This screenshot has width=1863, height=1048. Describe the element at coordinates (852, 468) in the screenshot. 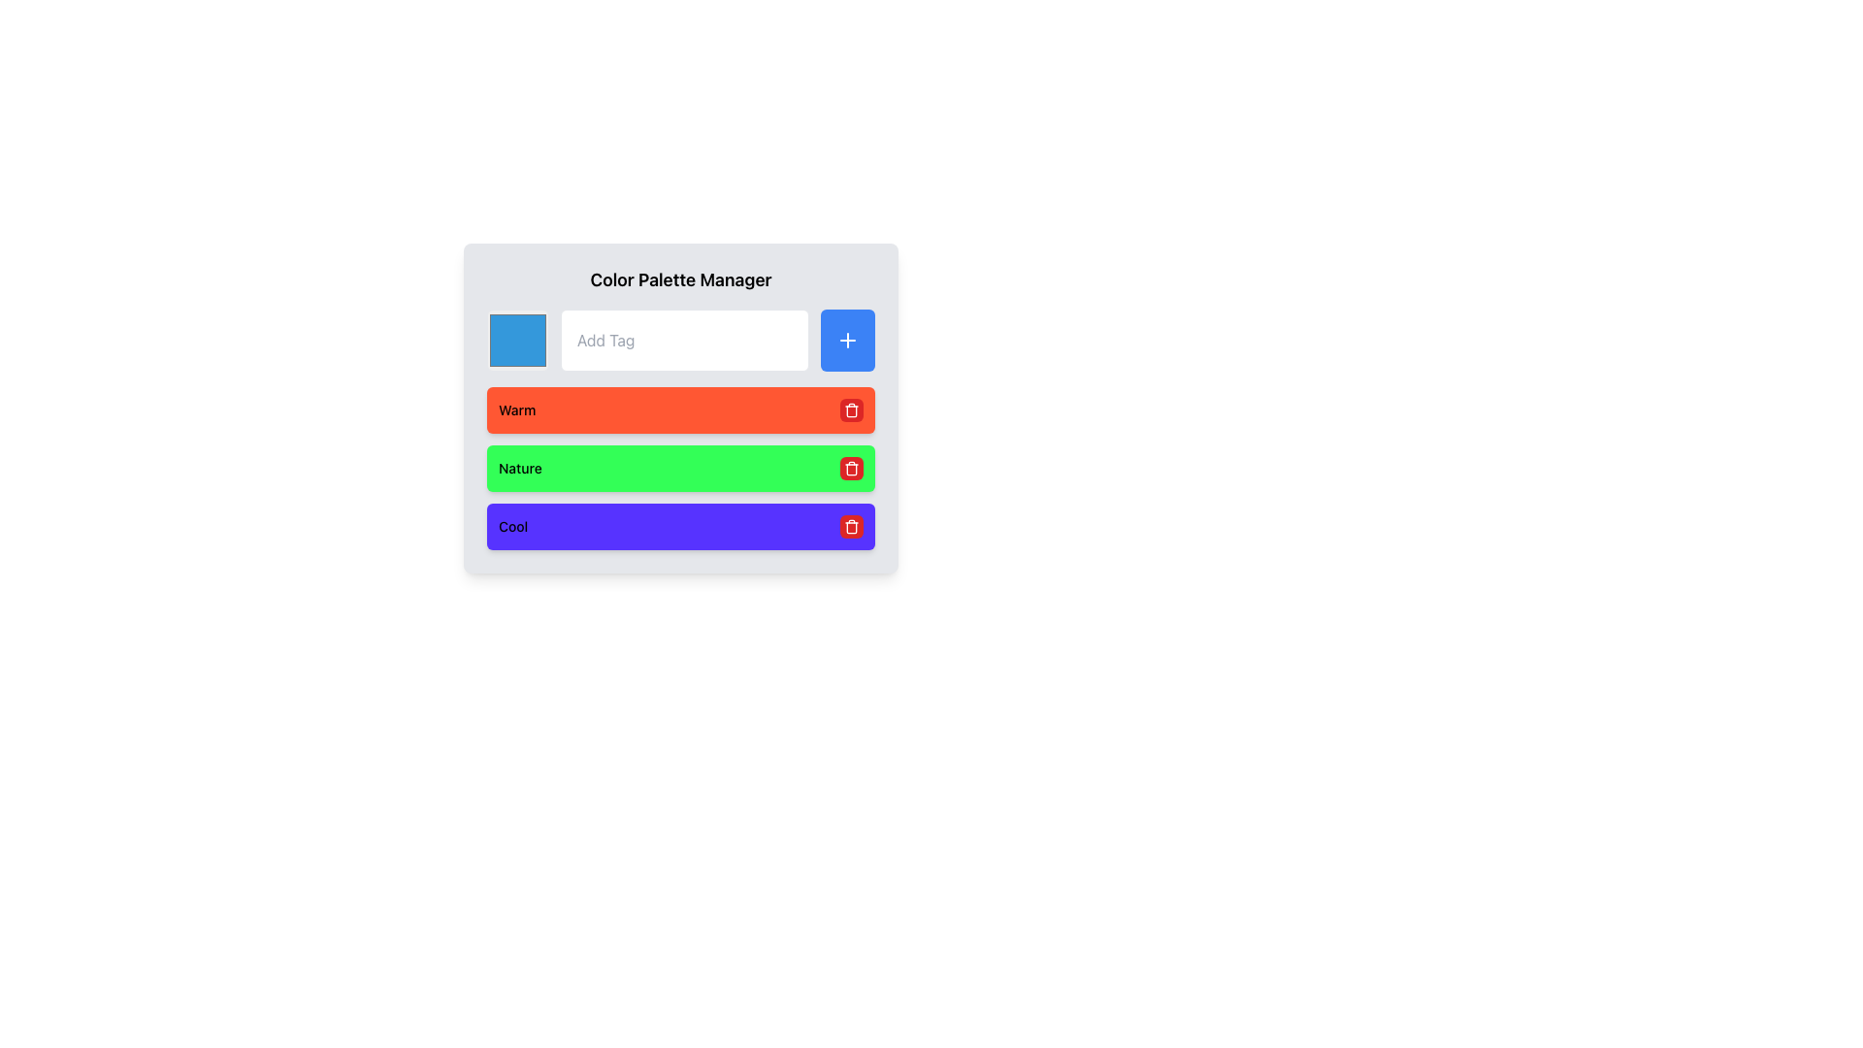

I see `the trash can icon button styled in white on a red circular background, which represents a delete action for the second item labeled 'Nature'` at that location.